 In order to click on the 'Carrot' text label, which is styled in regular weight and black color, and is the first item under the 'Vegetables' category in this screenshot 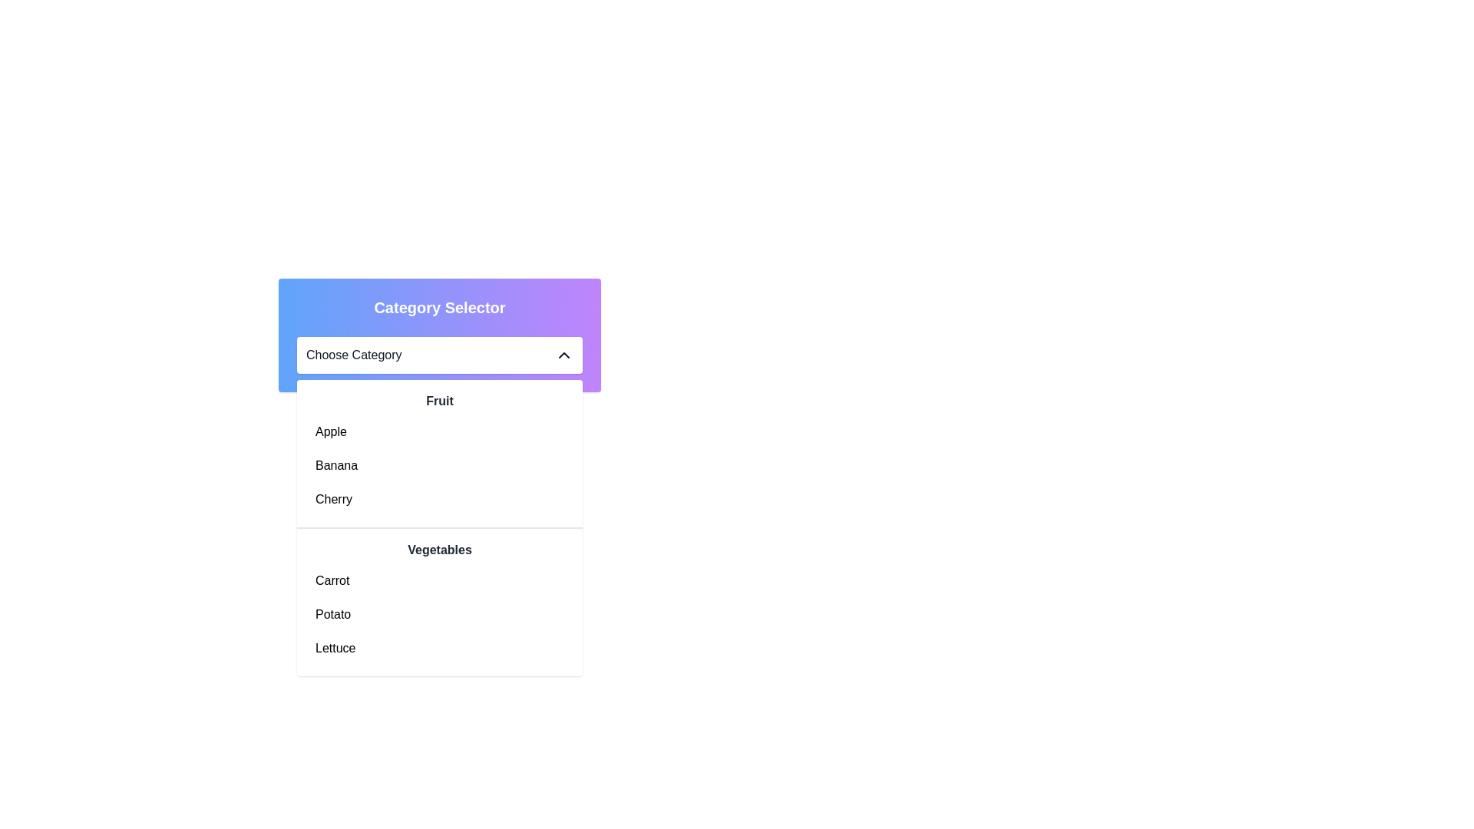, I will do `click(332, 580)`.